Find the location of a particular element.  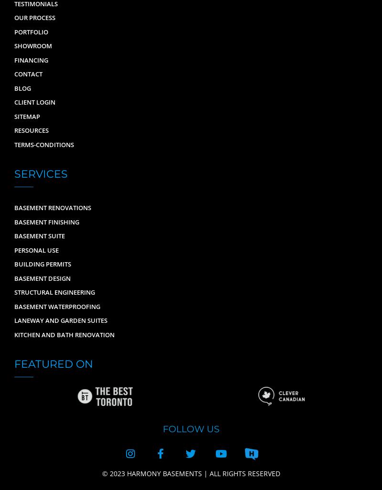

'Kitchen and Bath Renovation' is located at coordinates (64, 334).